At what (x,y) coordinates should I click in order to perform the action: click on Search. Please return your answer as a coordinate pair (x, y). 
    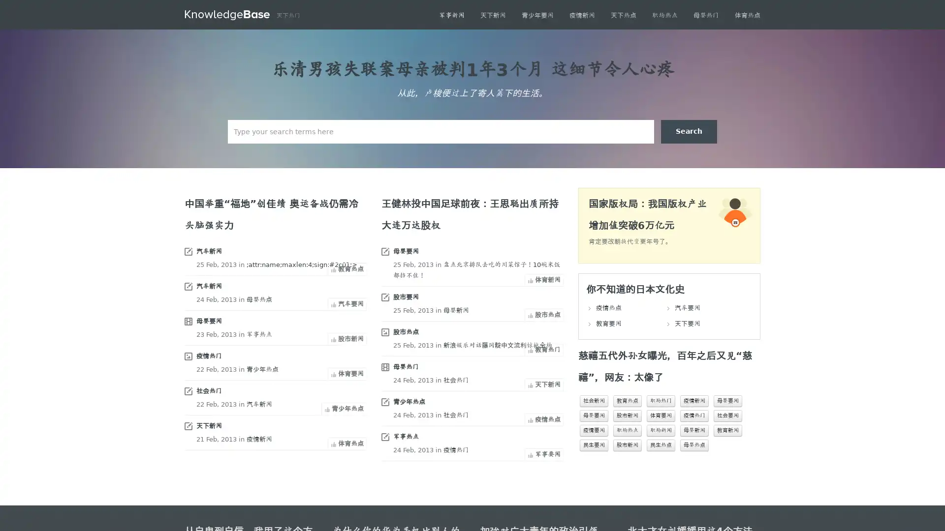
    Looking at the image, I should click on (689, 131).